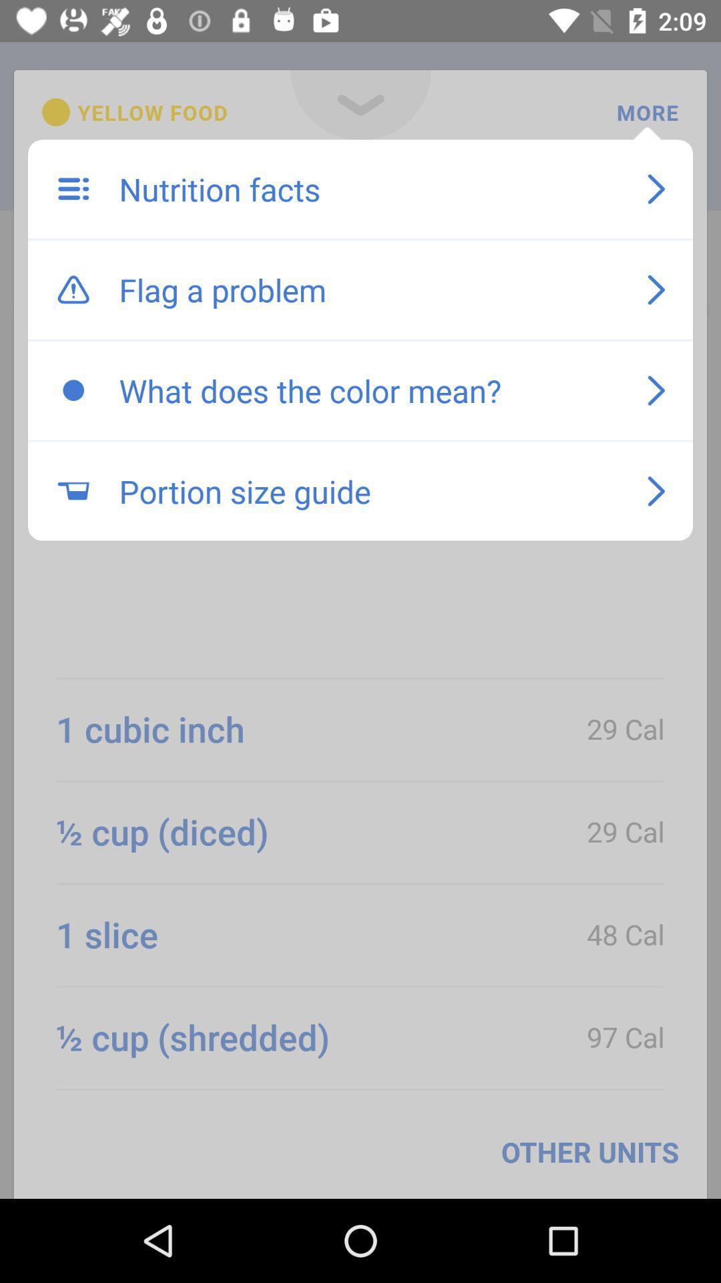  What do you see at coordinates (369, 289) in the screenshot?
I see `the icon below the nutrition facts` at bounding box center [369, 289].